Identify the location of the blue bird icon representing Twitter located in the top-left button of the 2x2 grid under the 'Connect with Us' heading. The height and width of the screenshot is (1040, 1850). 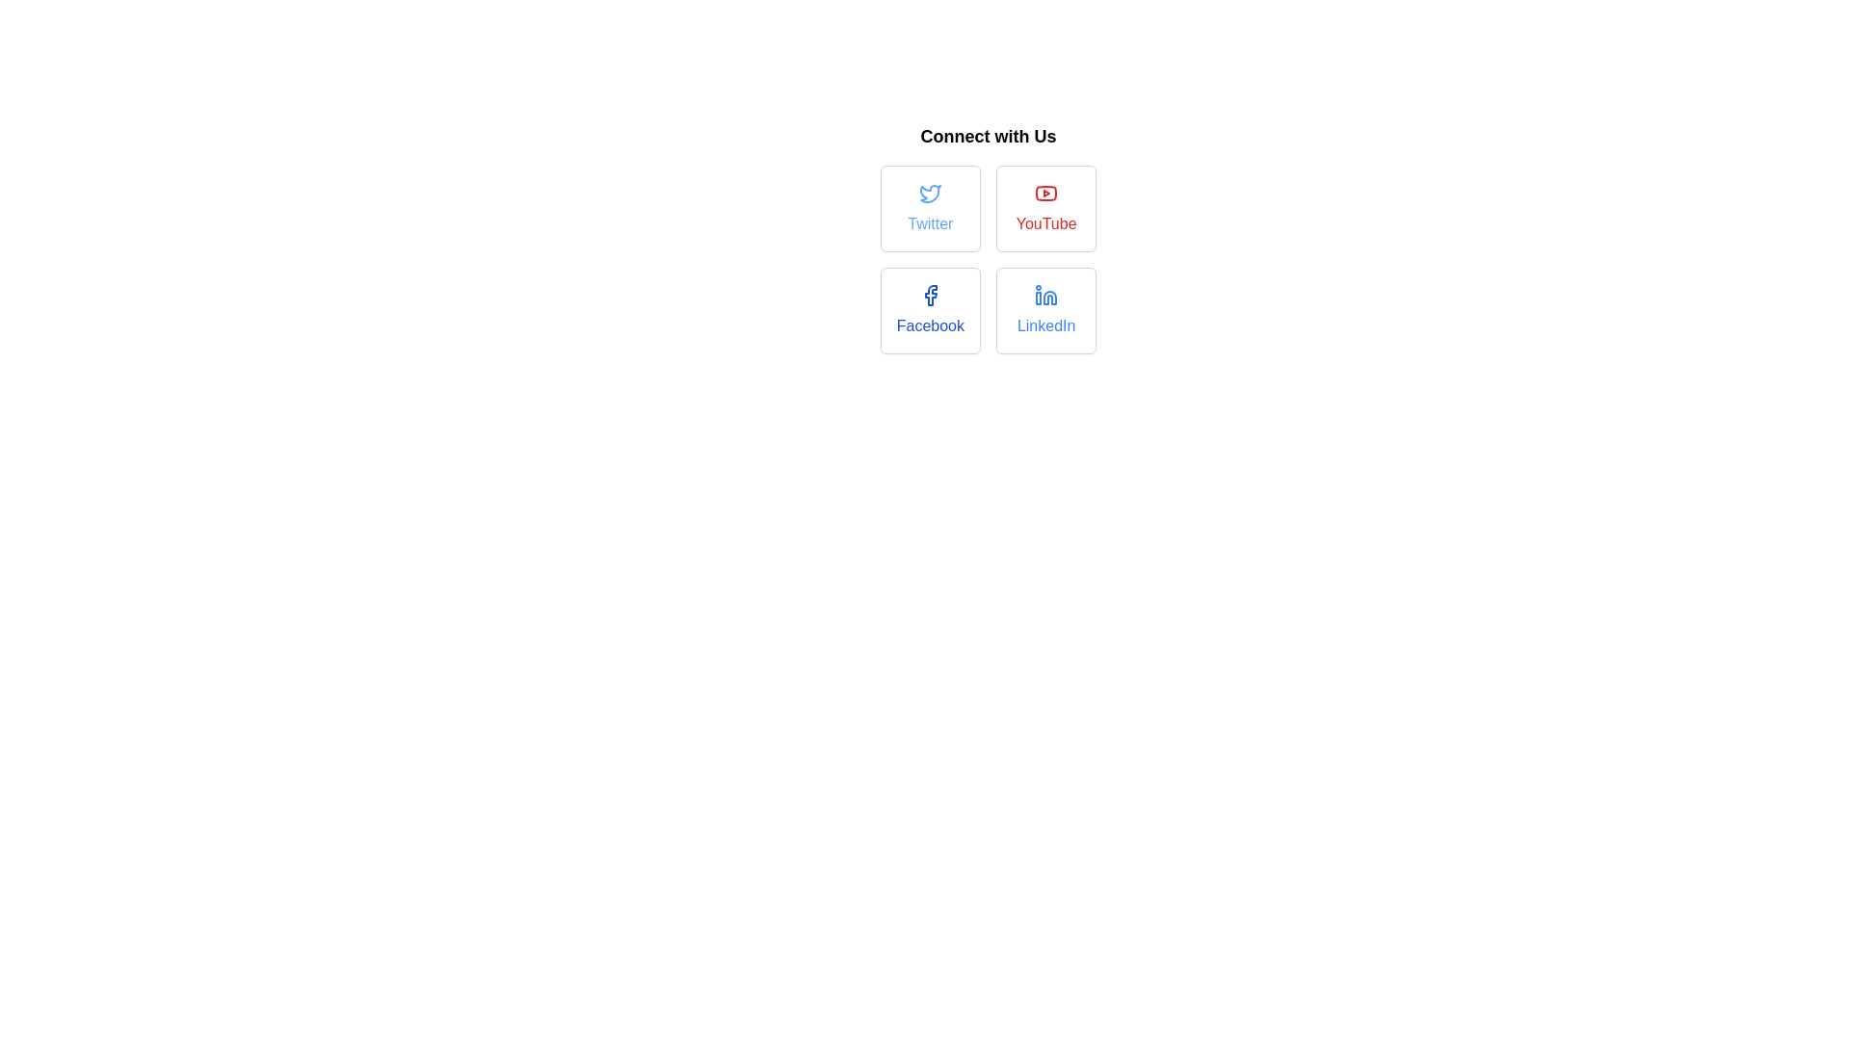
(930, 194).